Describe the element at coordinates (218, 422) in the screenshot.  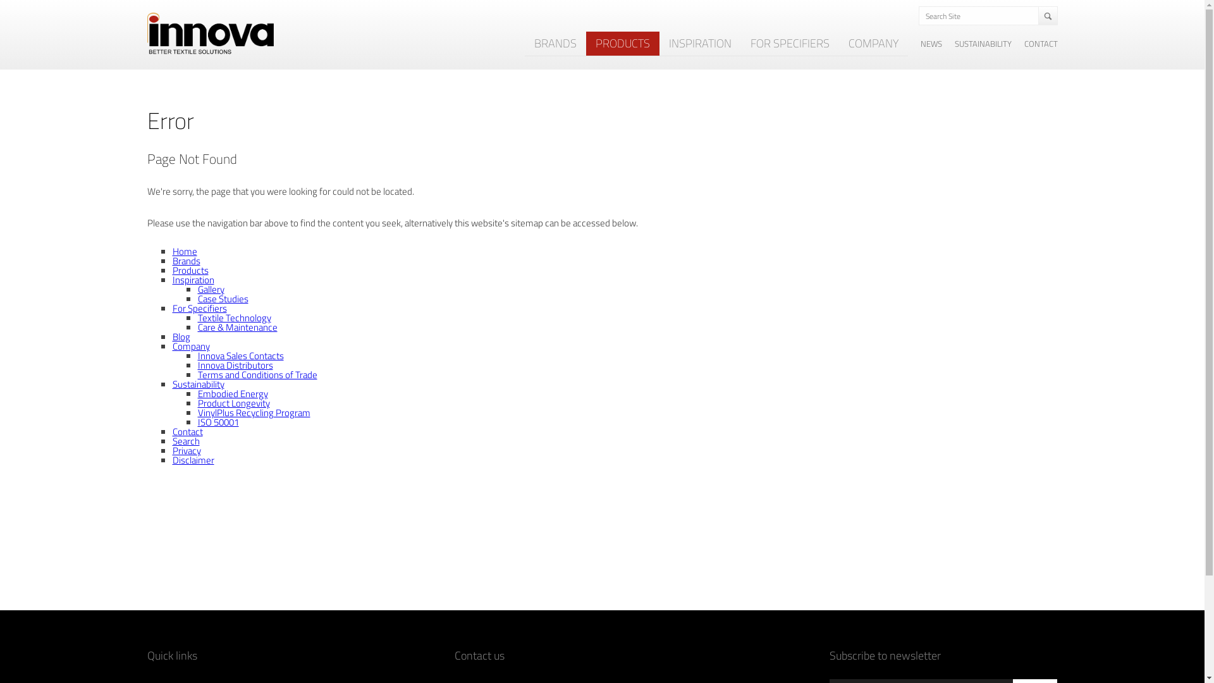
I see `'ISO 50001'` at that location.